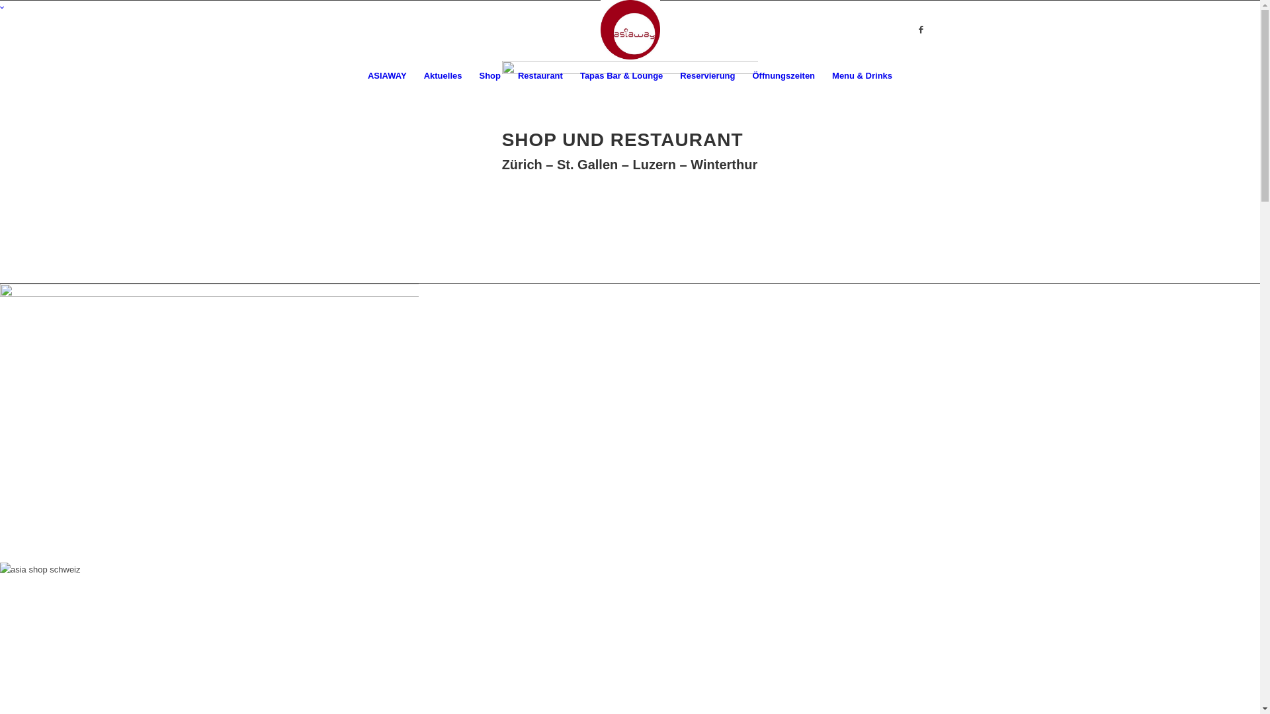  What do you see at coordinates (620, 76) in the screenshot?
I see `'Tapas Bar & Lounge'` at bounding box center [620, 76].